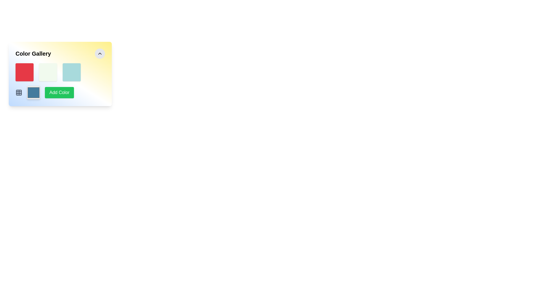 Image resolution: width=542 pixels, height=305 pixels. Describe the element at coordinates (33, 92) in the screenshot. I see `the blue color swatch with rounded corners and a gray border located in the 'Color Gallery' section` at that location.